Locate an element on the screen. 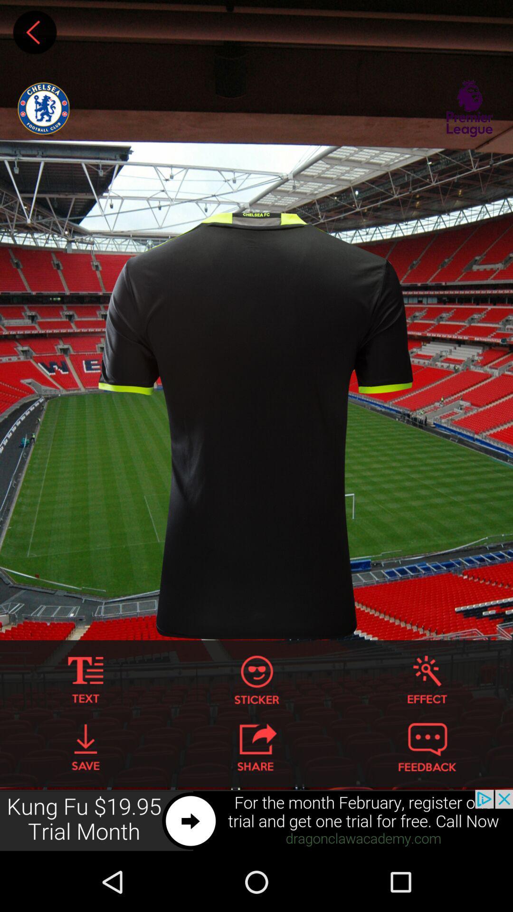 Image resolution: width=513 pixels, height=912 pixels. the more icon is located at coordinates (85, 727).